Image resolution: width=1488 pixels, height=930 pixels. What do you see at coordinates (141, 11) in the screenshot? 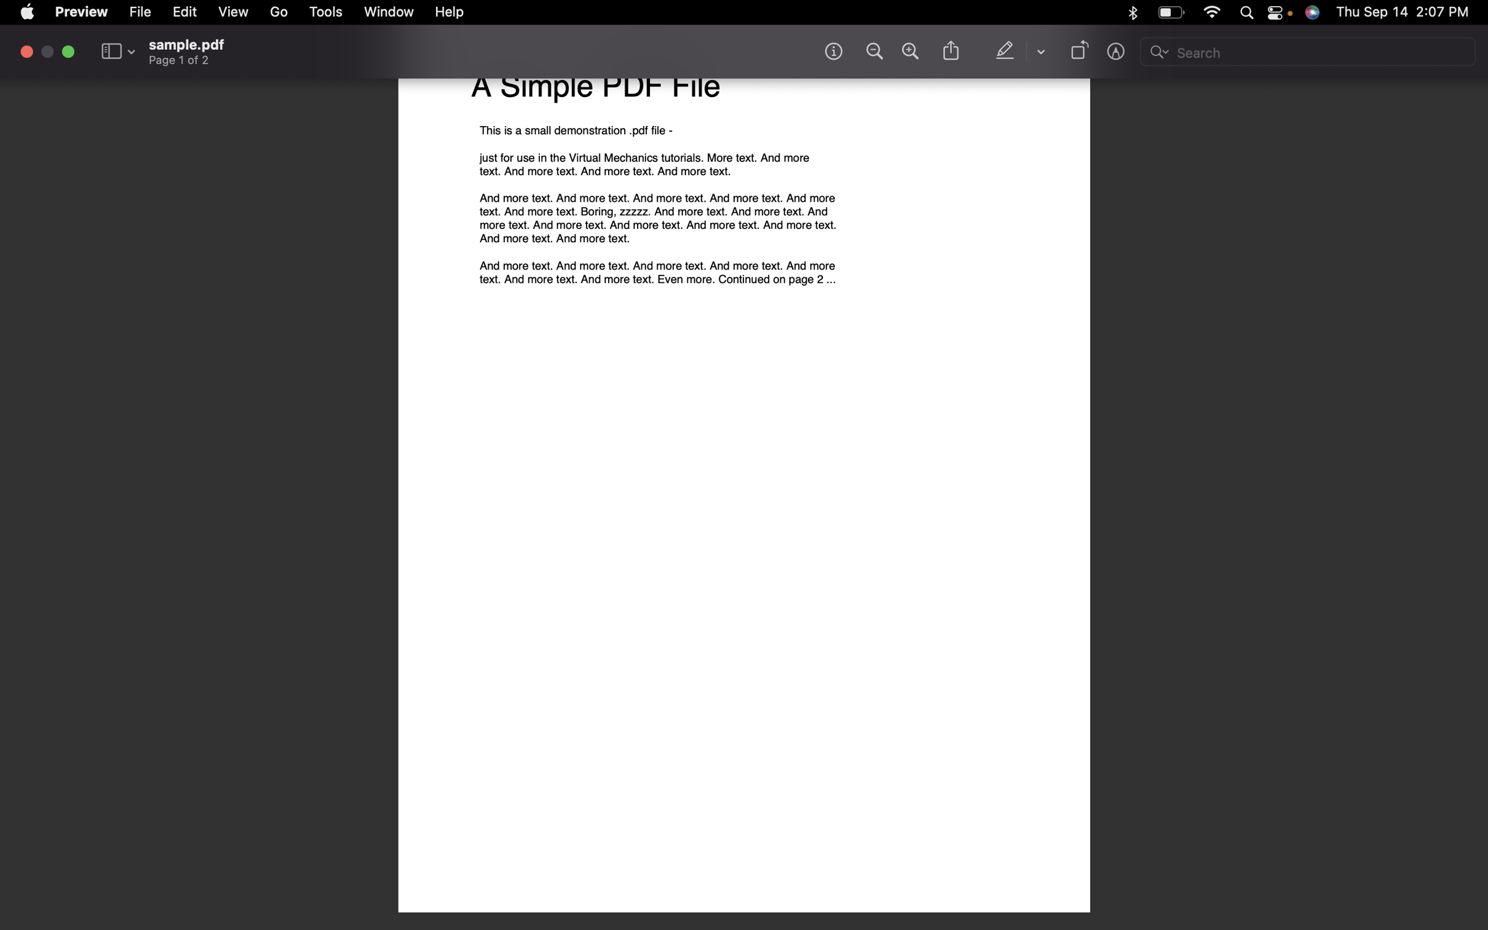
I see `a new file` at bounding box center [141, 11].